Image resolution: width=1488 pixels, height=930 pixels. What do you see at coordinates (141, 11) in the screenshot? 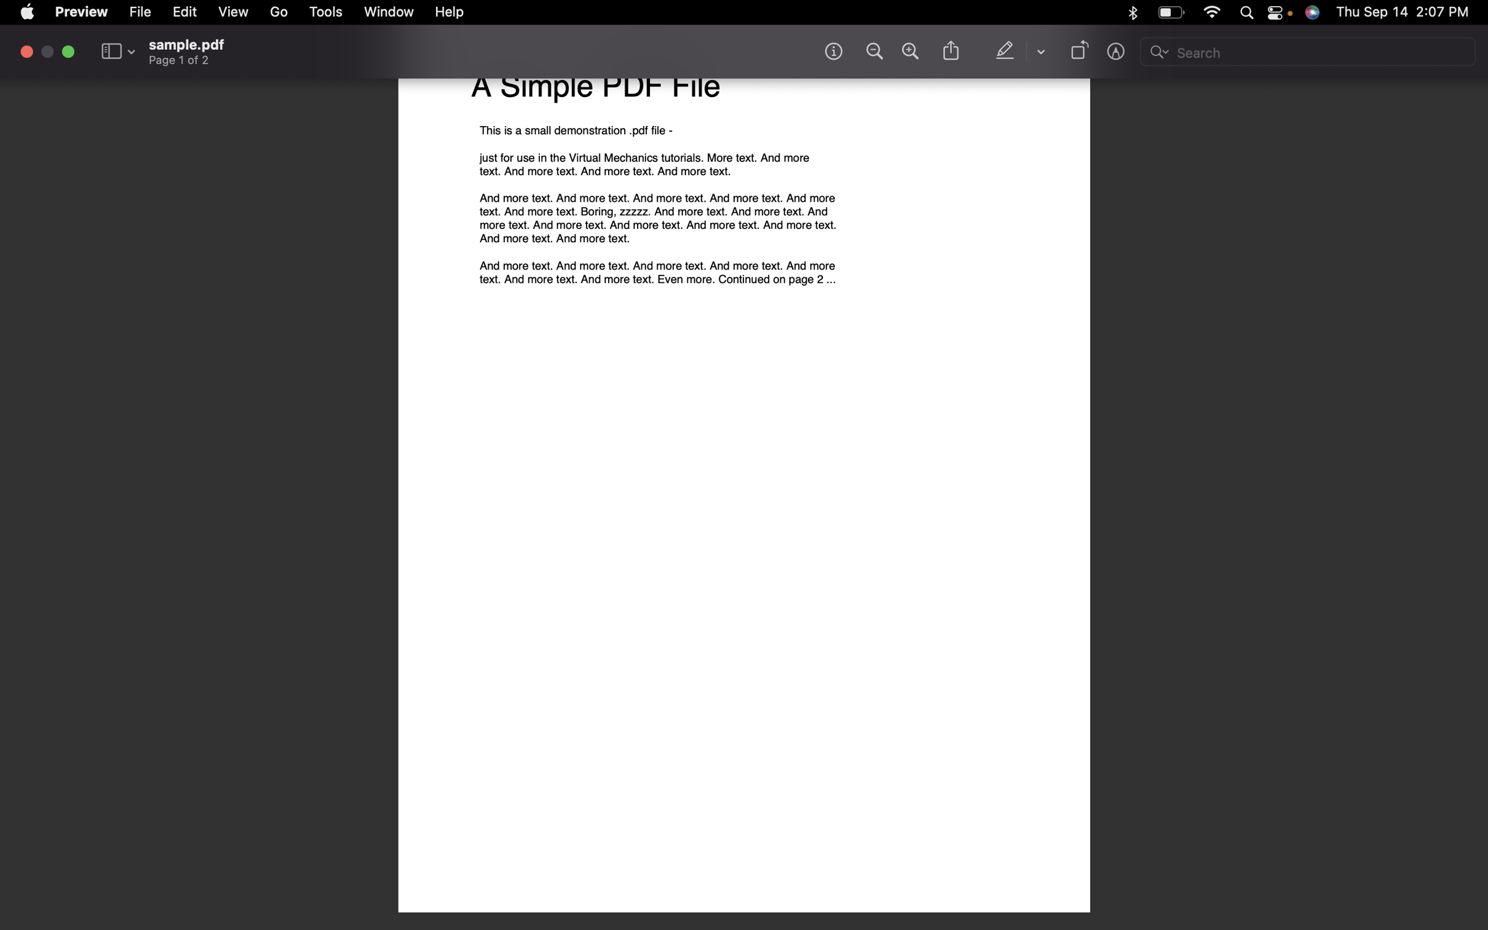
I see `a new file` at bounding box center [141, 11].